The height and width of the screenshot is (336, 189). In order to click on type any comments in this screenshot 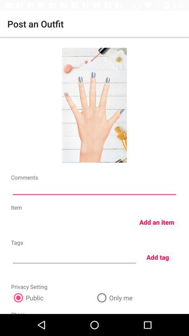, I will do `click(94, 189)`.